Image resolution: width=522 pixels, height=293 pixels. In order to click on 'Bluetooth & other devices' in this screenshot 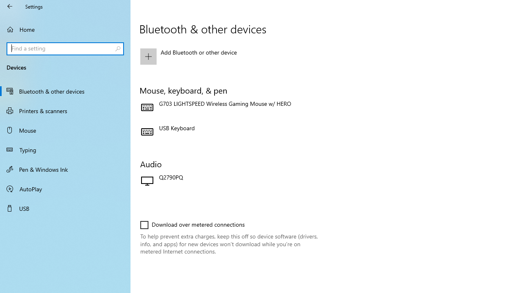, I will do `click(65, 91)`.